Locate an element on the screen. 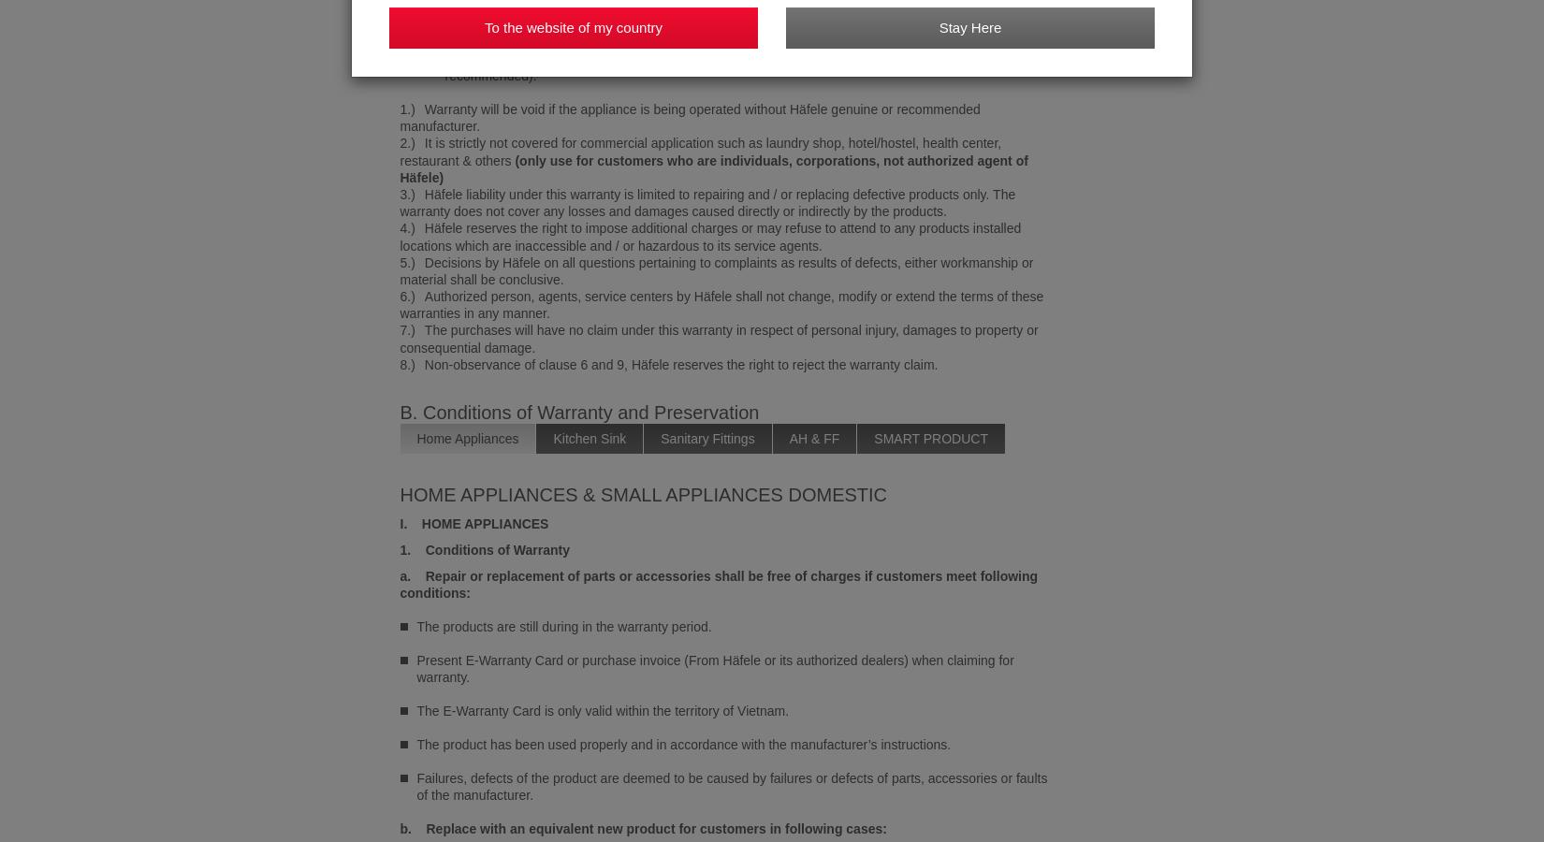  'Sanitary Fittings' is located at coordinates (660, 437).